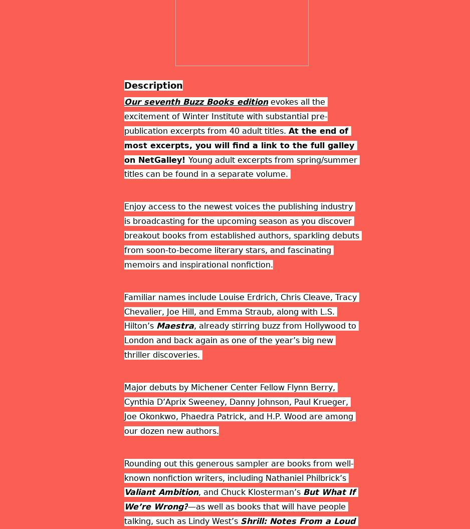 This screenshot has width=470, height=529. I want to click on 'evokes all the excitement of Winter Institute with substantial pre-publication excerpts from 40 adult titles.', so click(124, 116).